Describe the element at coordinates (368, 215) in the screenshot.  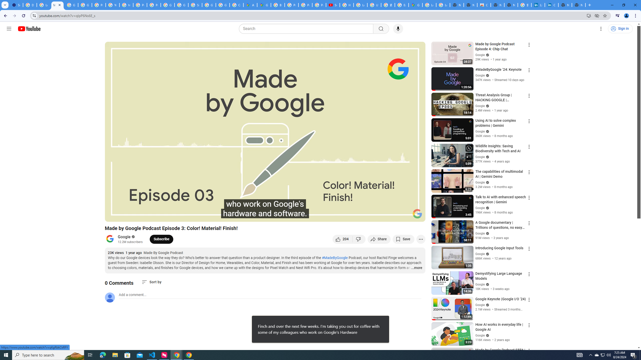
I see `'Subtitles/closed captions unavailable'` at that location.